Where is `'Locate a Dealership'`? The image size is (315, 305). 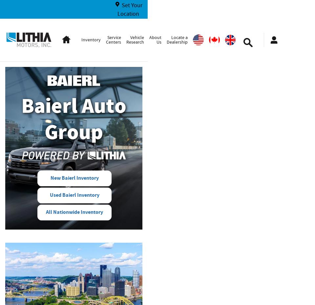
'Locate a Dealership' is located at coordinates (177, 39).